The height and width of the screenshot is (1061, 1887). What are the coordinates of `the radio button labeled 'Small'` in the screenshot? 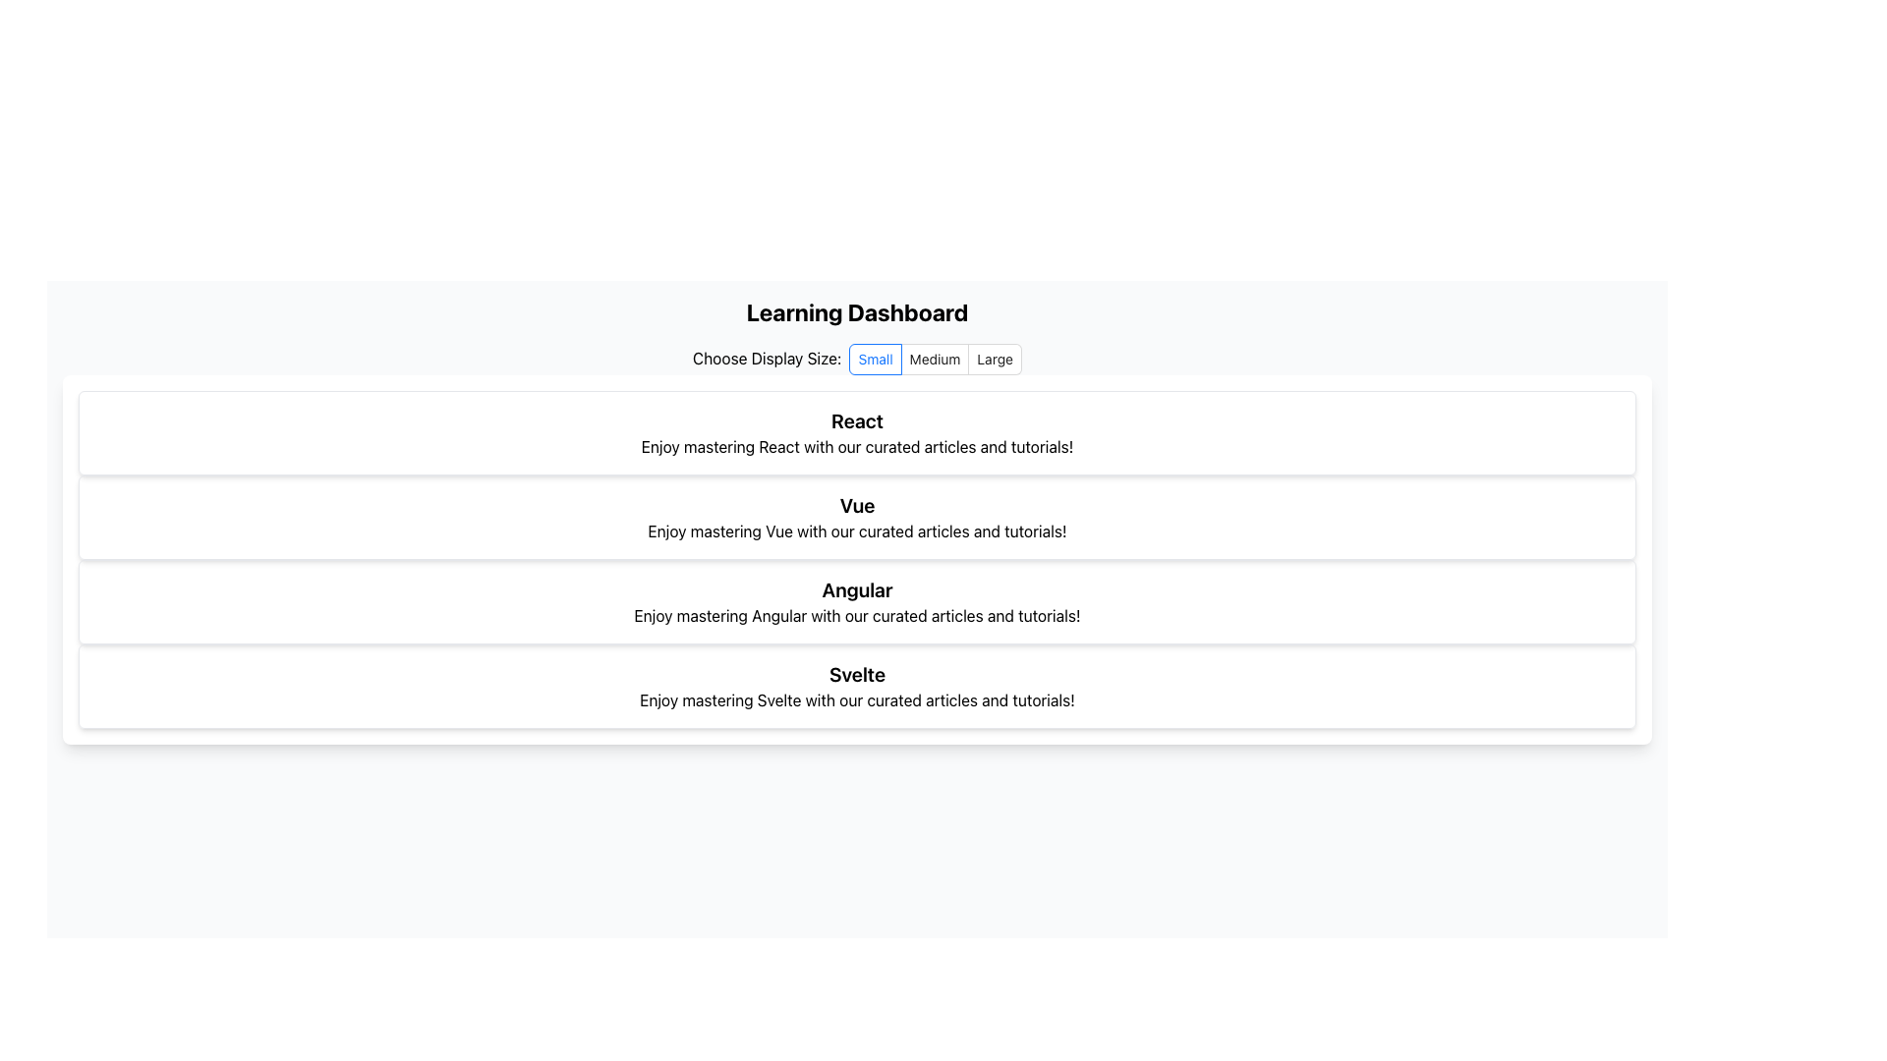 It's located at (875, 360).